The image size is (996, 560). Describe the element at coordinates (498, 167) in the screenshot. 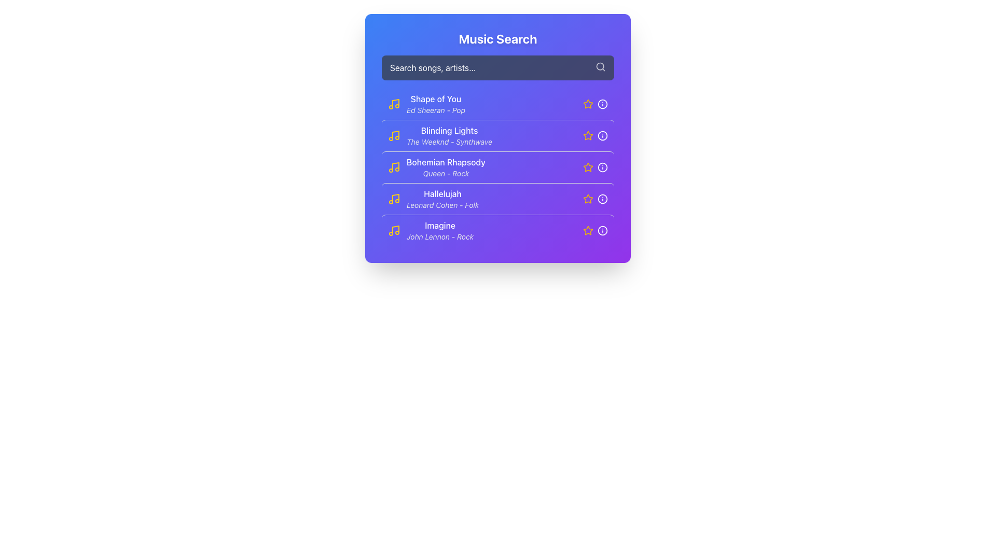

I see `the info button on the third list item in the music search interface` at that location.